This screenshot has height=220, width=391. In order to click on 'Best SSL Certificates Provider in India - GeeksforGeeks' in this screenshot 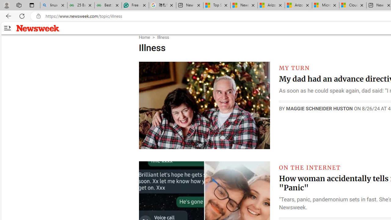, I will do `click(108, 5)`.